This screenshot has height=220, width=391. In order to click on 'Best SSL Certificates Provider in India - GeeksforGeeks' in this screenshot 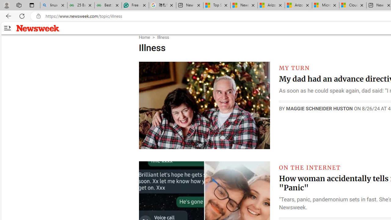, I will do `click(108, 5)`.